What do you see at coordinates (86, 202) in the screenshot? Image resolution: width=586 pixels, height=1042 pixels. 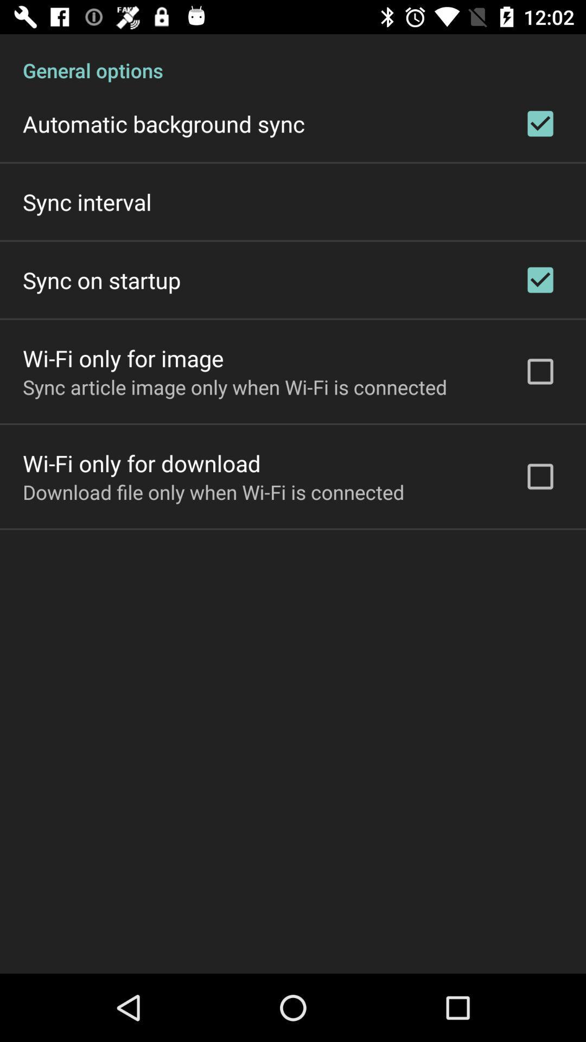 I see `sync interval` at bounding box center [86, 202].